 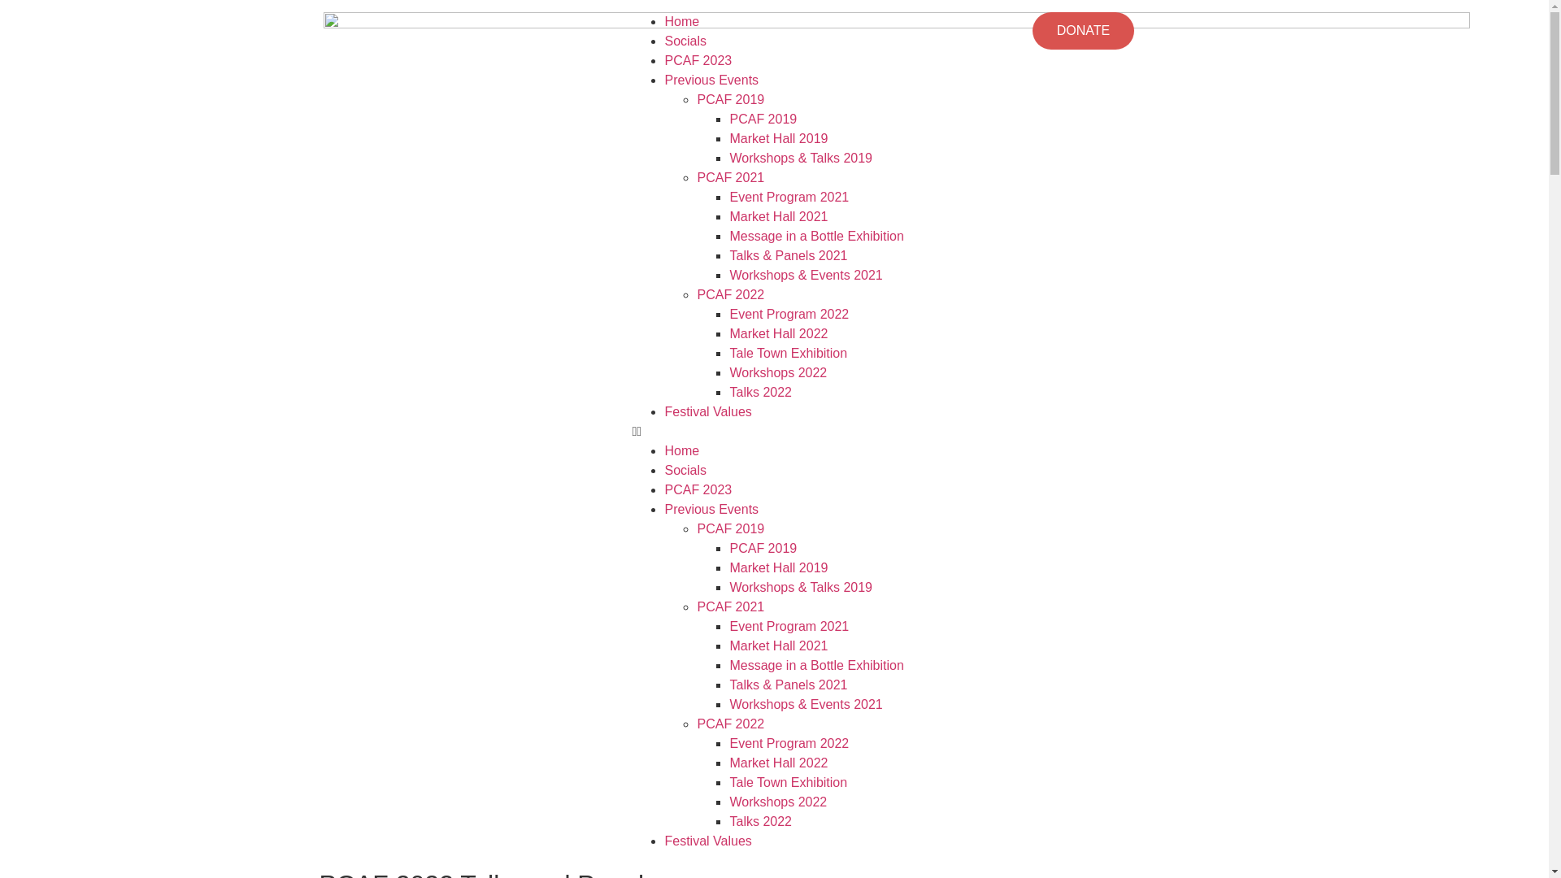 What do you see at coordinates (711, 508) in the screenshot?
I see `'Previous Events'` at bounding box center [711, 508].